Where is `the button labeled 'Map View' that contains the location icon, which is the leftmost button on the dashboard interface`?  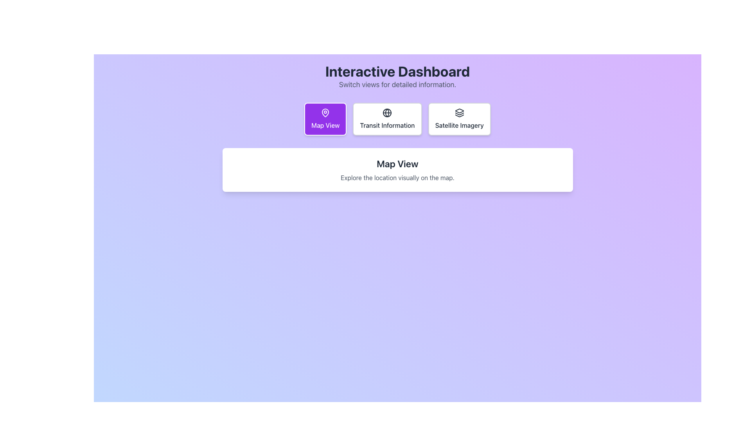 the button labeled 'Map View' that contains the location icon, which is the leftmost button on the dashboard interface is located at coordinates (325, 113).